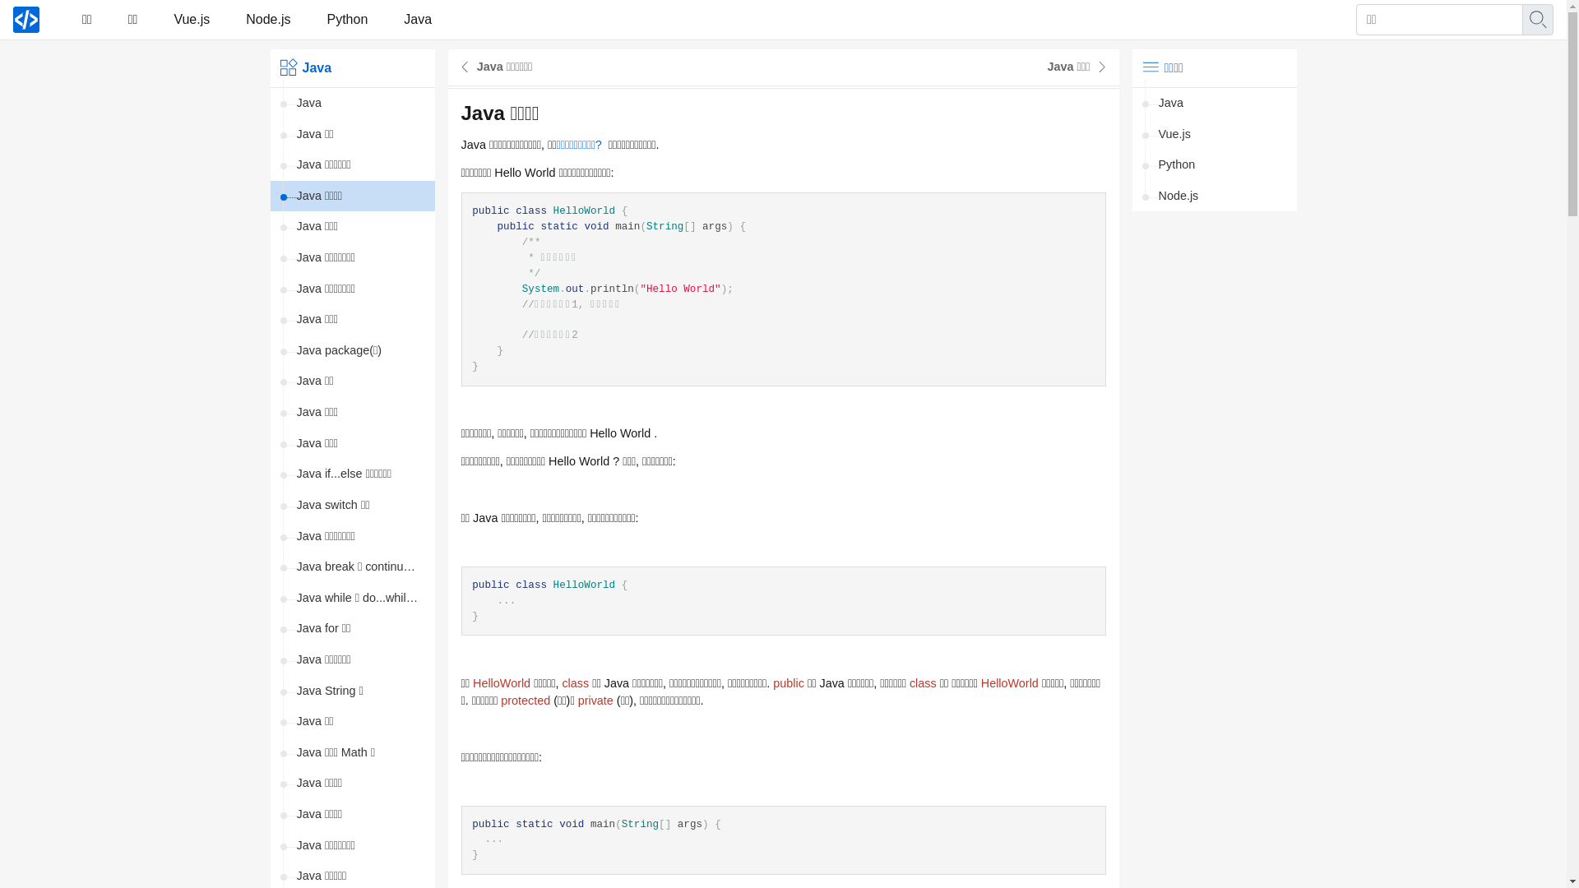 This screenshot has height=888, width=1579. Describe the element at coordinates (12, 19) in the screenshot. I see `'21yi.com'` at that location.